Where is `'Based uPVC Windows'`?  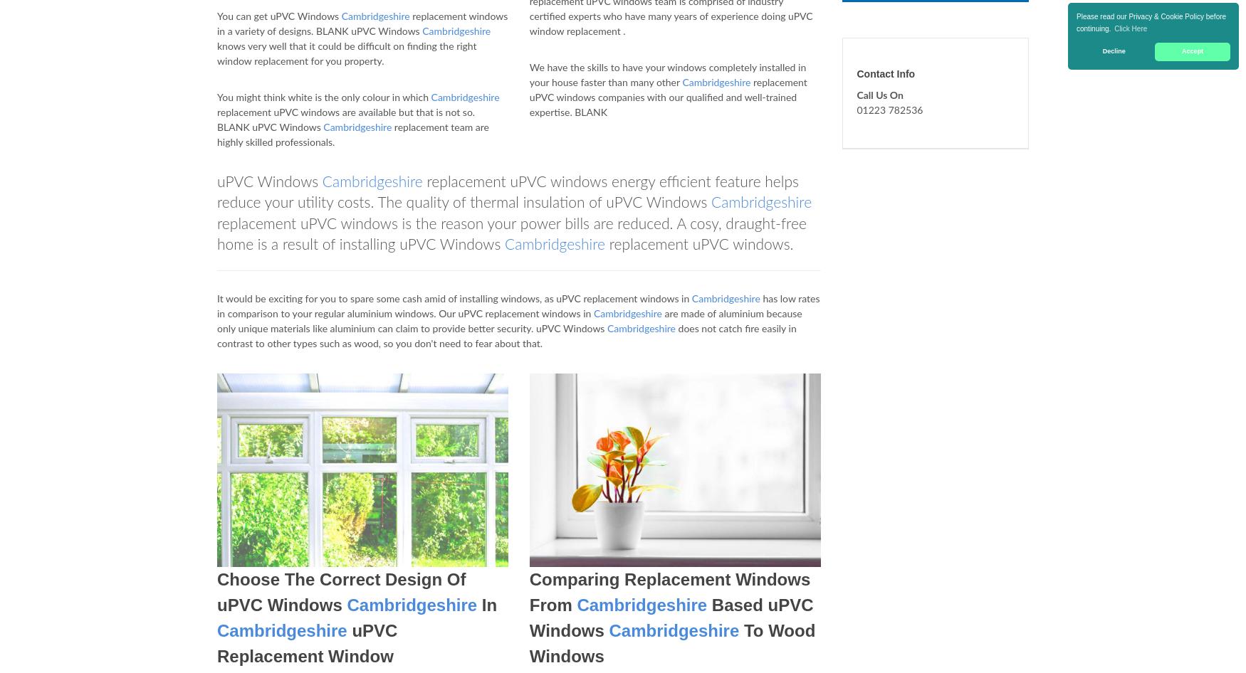
'Based uPVC Windows' is located at coordinates (671, 617).